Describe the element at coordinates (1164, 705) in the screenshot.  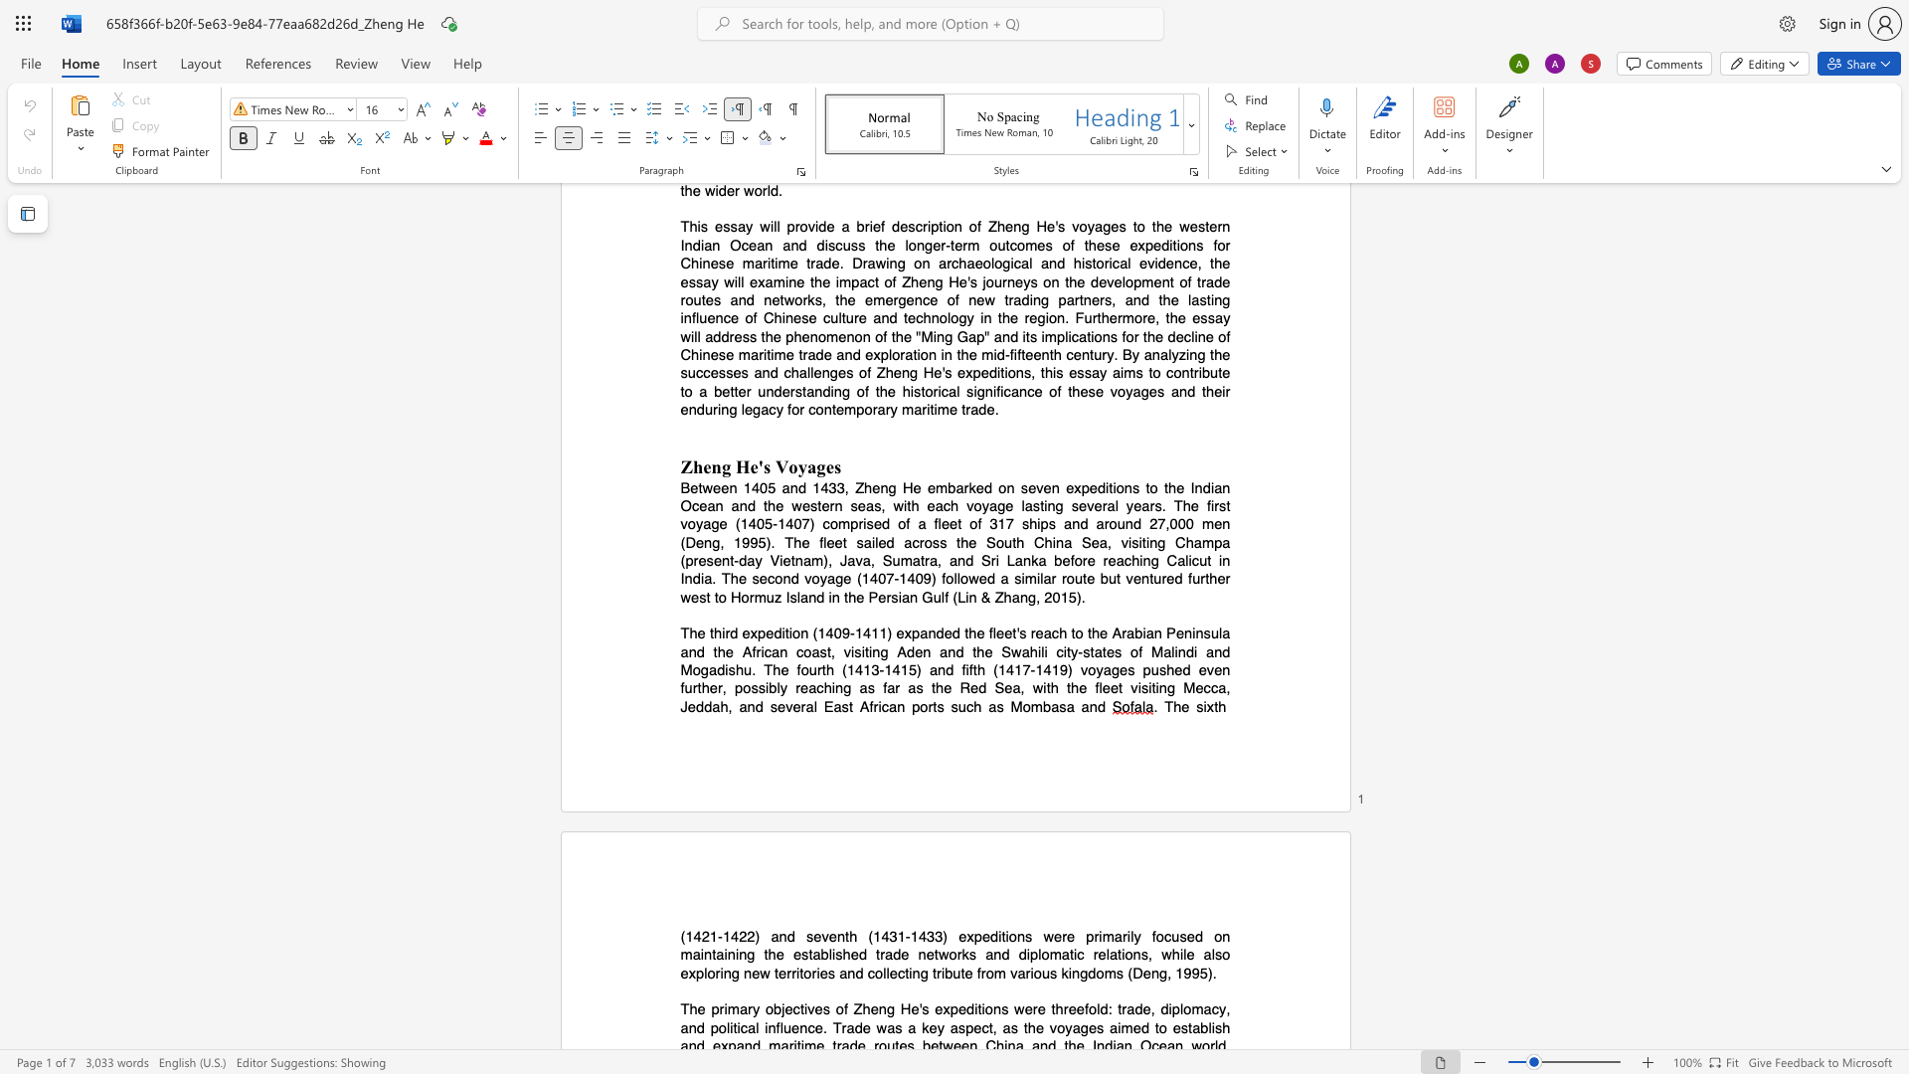
I see `the subset text "The" within the text ". The sixth"` at that location.